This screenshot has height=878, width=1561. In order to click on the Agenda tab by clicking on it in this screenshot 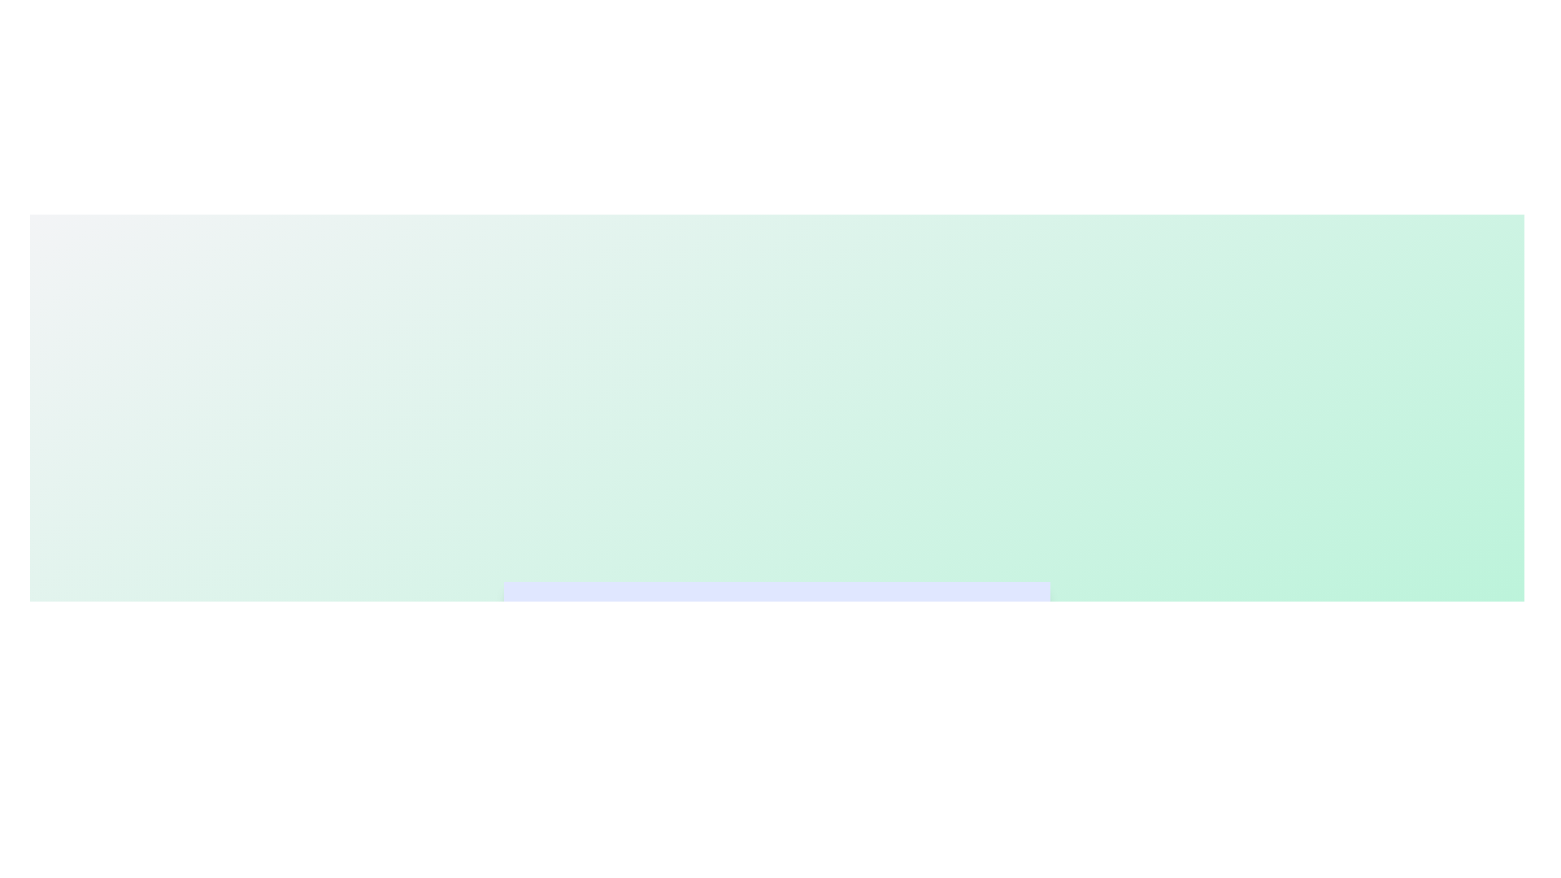, I will do `click(776, 622)`.